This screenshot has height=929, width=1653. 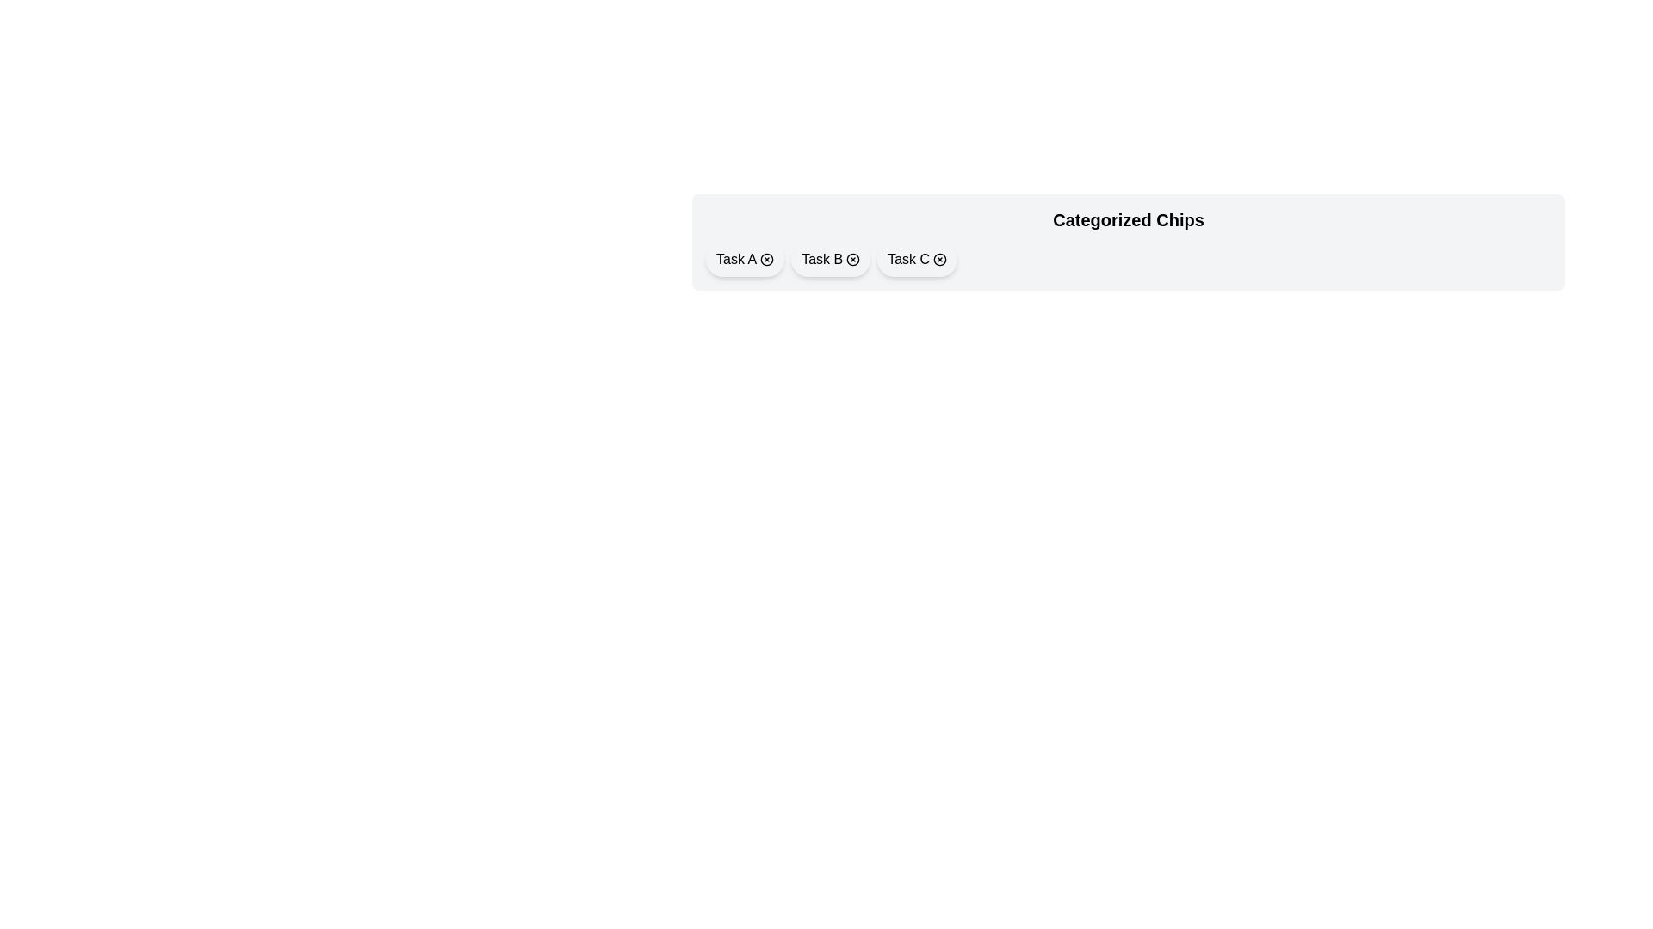 I want to click on the chip labeled Task C to observe its hover effect, so click(x=916, y=259).